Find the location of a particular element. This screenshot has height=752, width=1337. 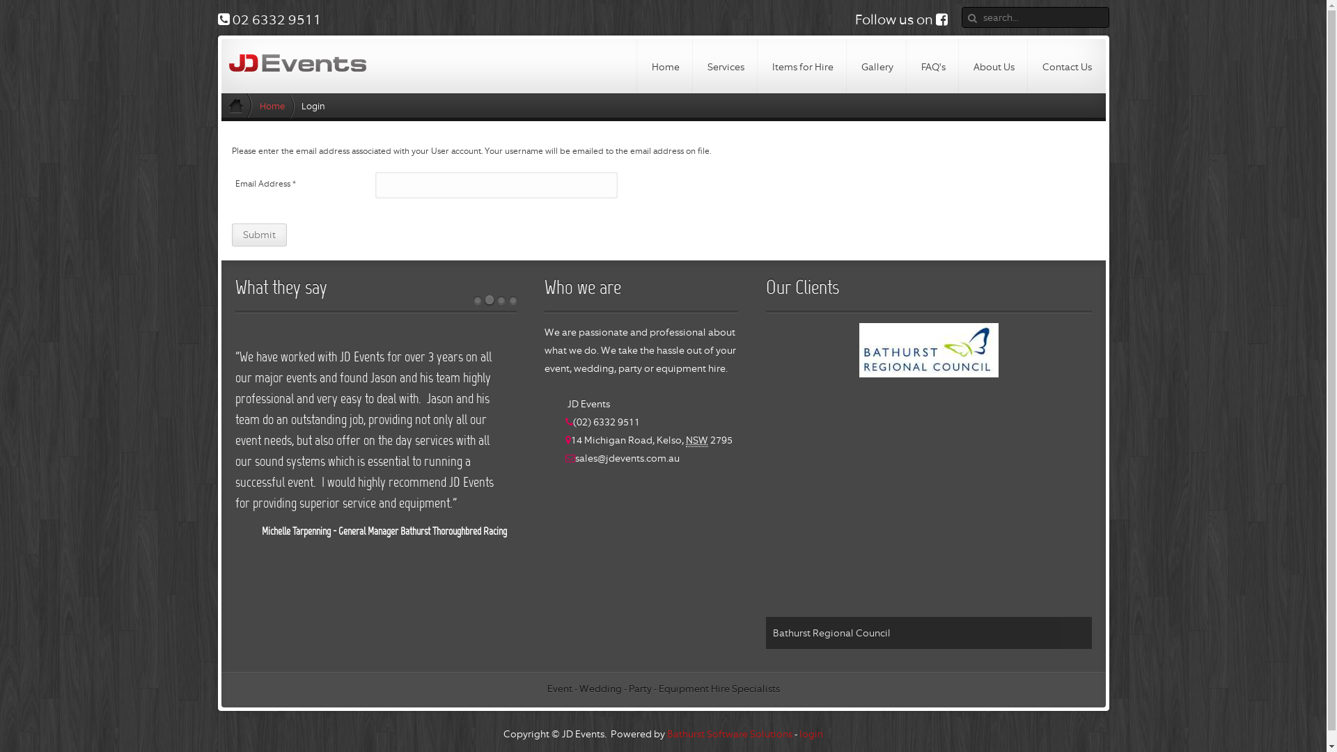

'login' is located at coordinates (811, 733).